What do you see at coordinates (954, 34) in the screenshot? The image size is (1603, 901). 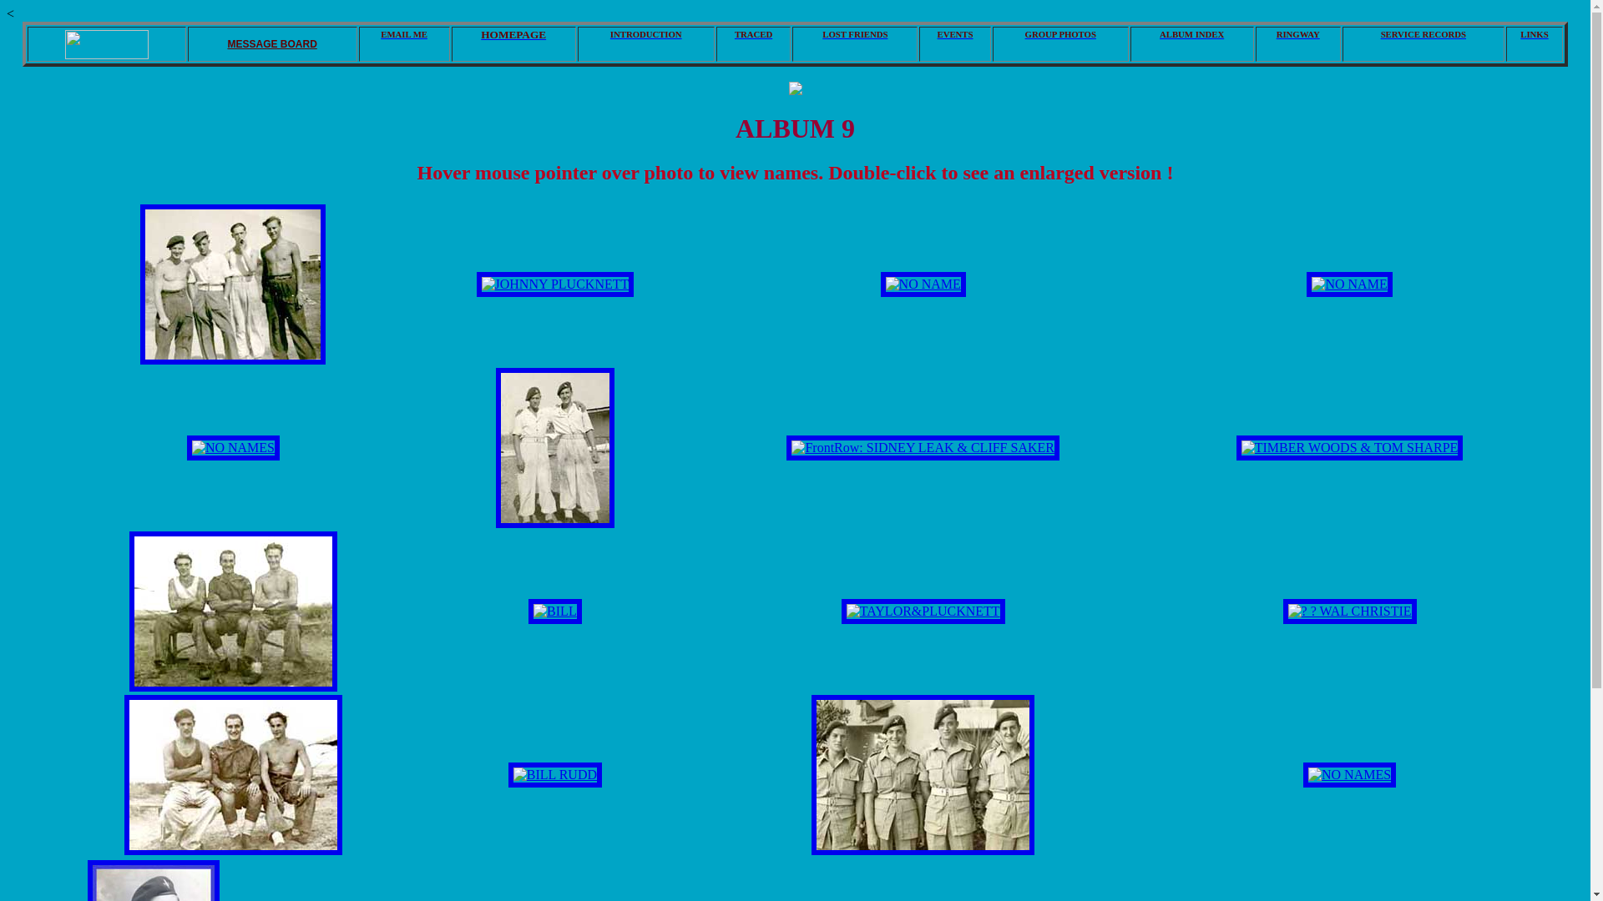 I see `'EVENTS'` at bounding box center [954, 34].